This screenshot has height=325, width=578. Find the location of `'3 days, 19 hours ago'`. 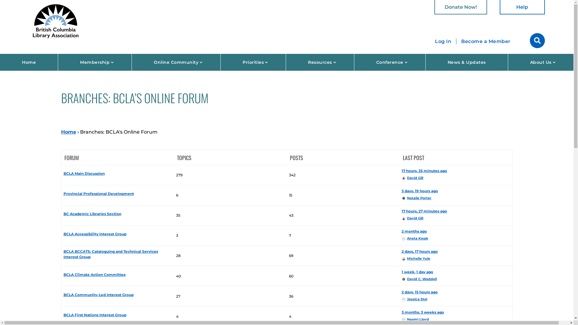

'3 days, 19 hours ago' is located at coordinates (402, 191).